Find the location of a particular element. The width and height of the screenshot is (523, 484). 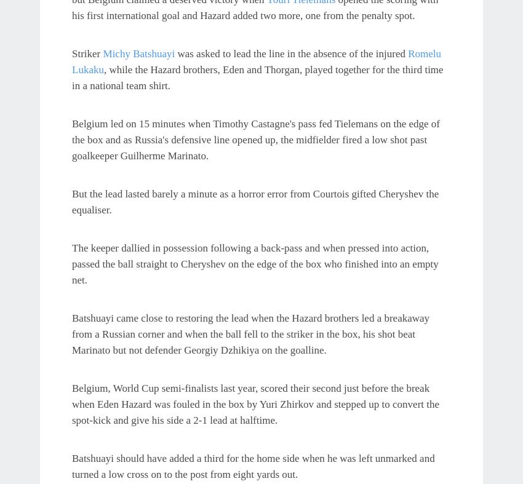

'The keeper dallied in possession following a back-pass and when pressed into action, passed the ball straight to Cheryshev on the edge of the box who finished into an empty net.' is located at coordinates (255, 263).